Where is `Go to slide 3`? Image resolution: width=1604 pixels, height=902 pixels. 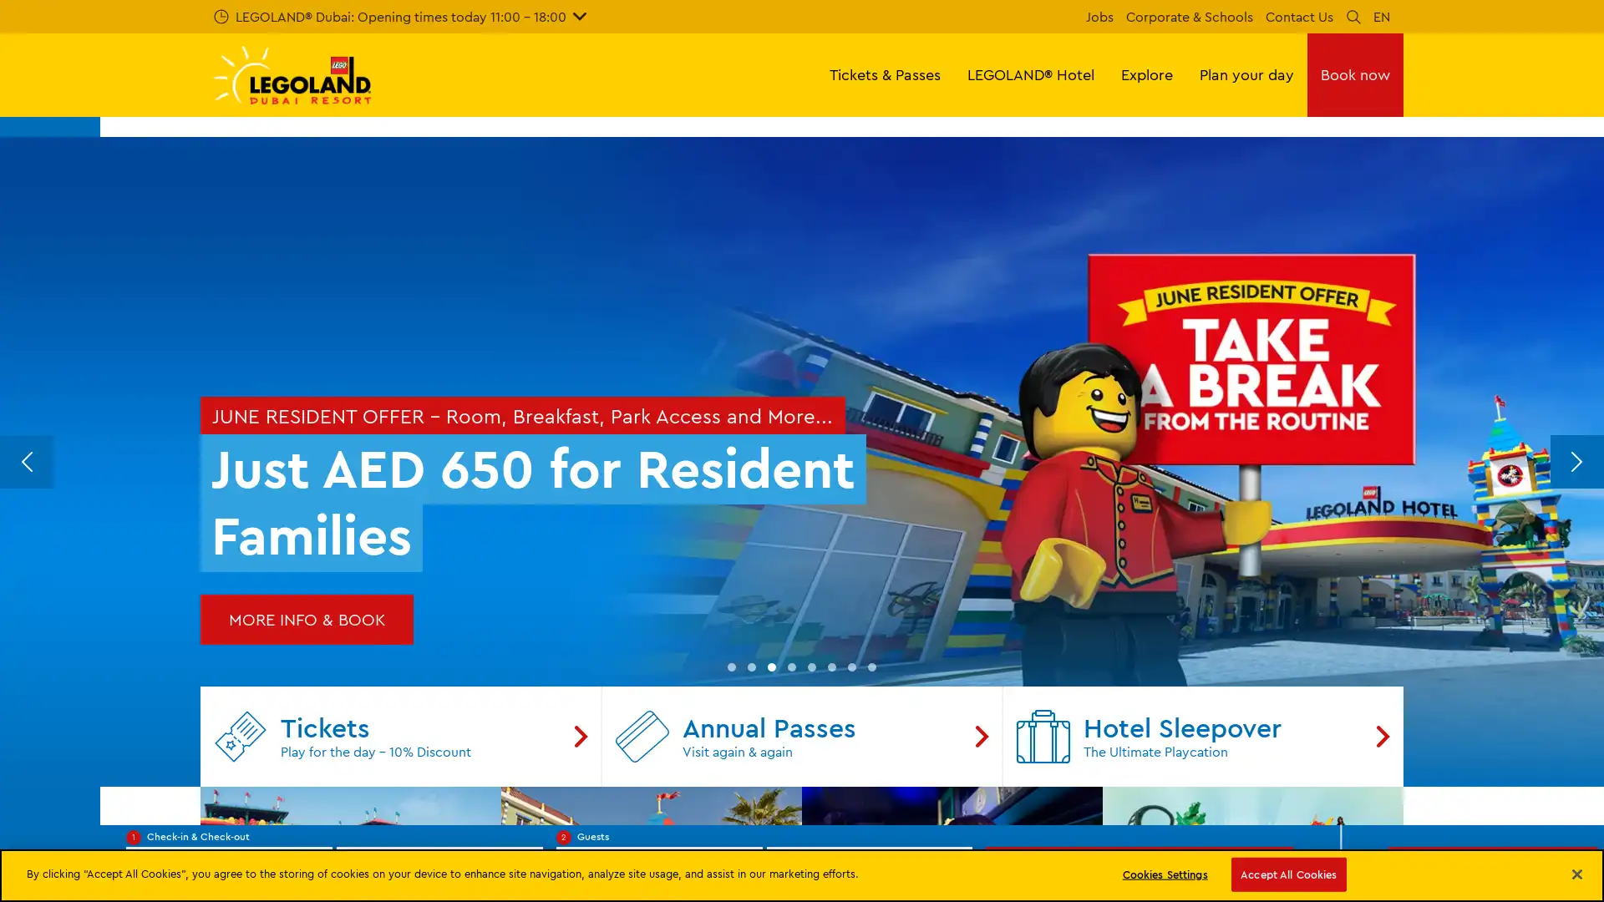 Go to slide 3 is located at coordinates (770, 666).